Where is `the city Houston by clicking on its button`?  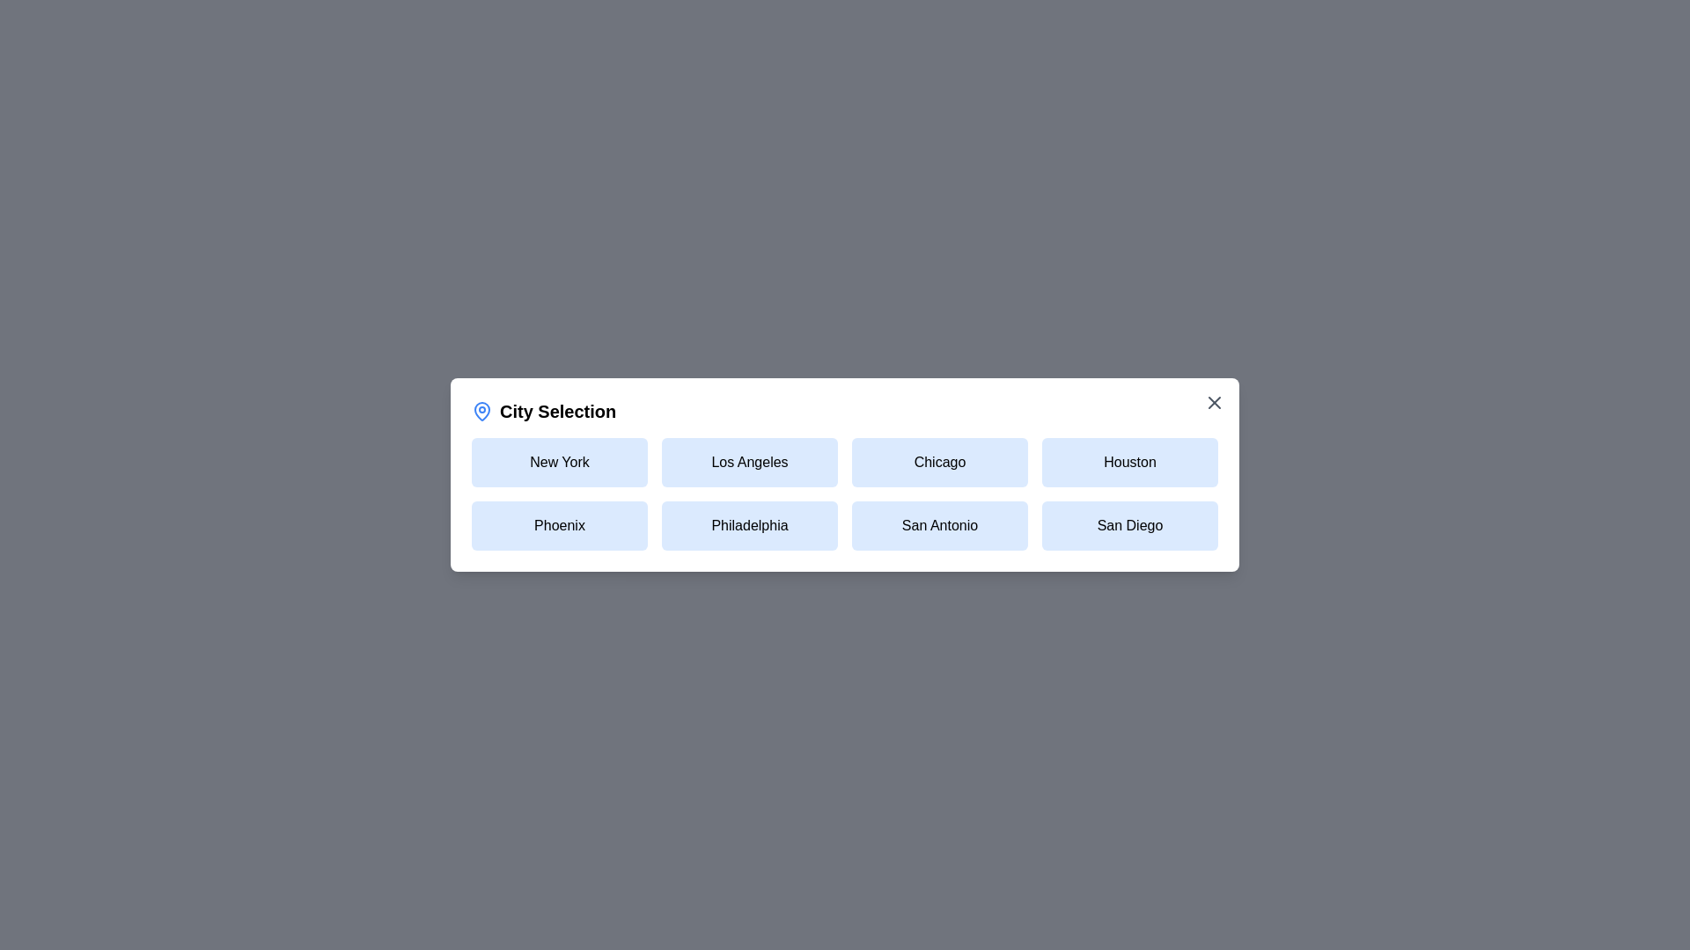
the city Houston by clicking on its button is located at coordinates (1129, 461).